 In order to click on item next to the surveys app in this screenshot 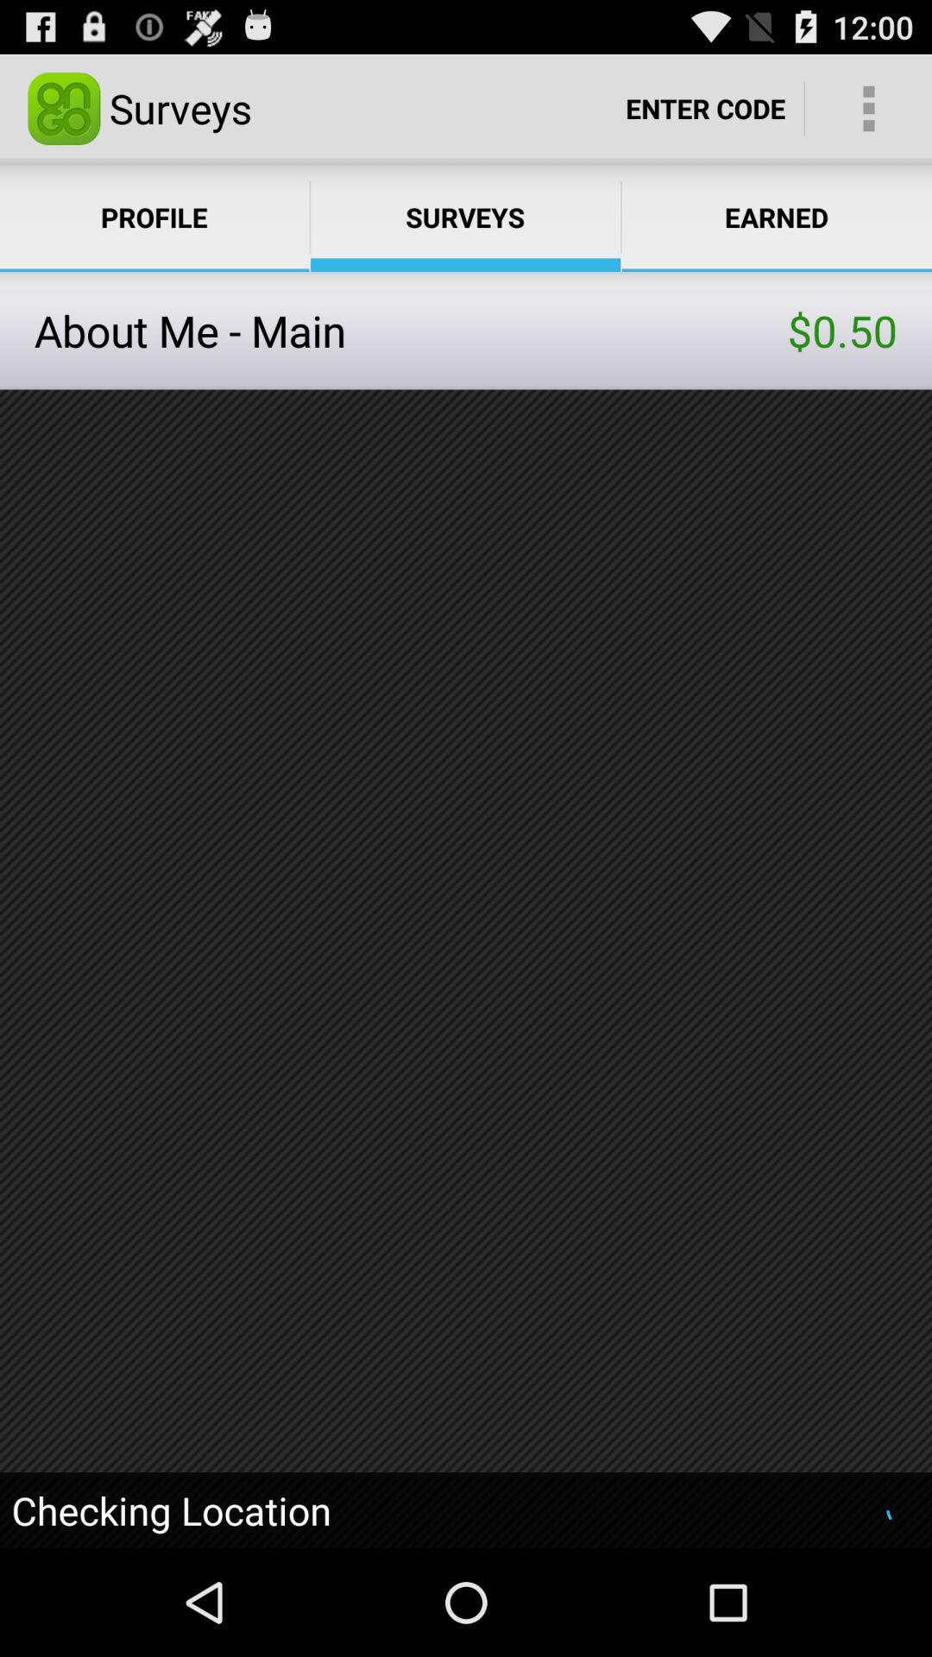, I will do `click(705, 107)`.